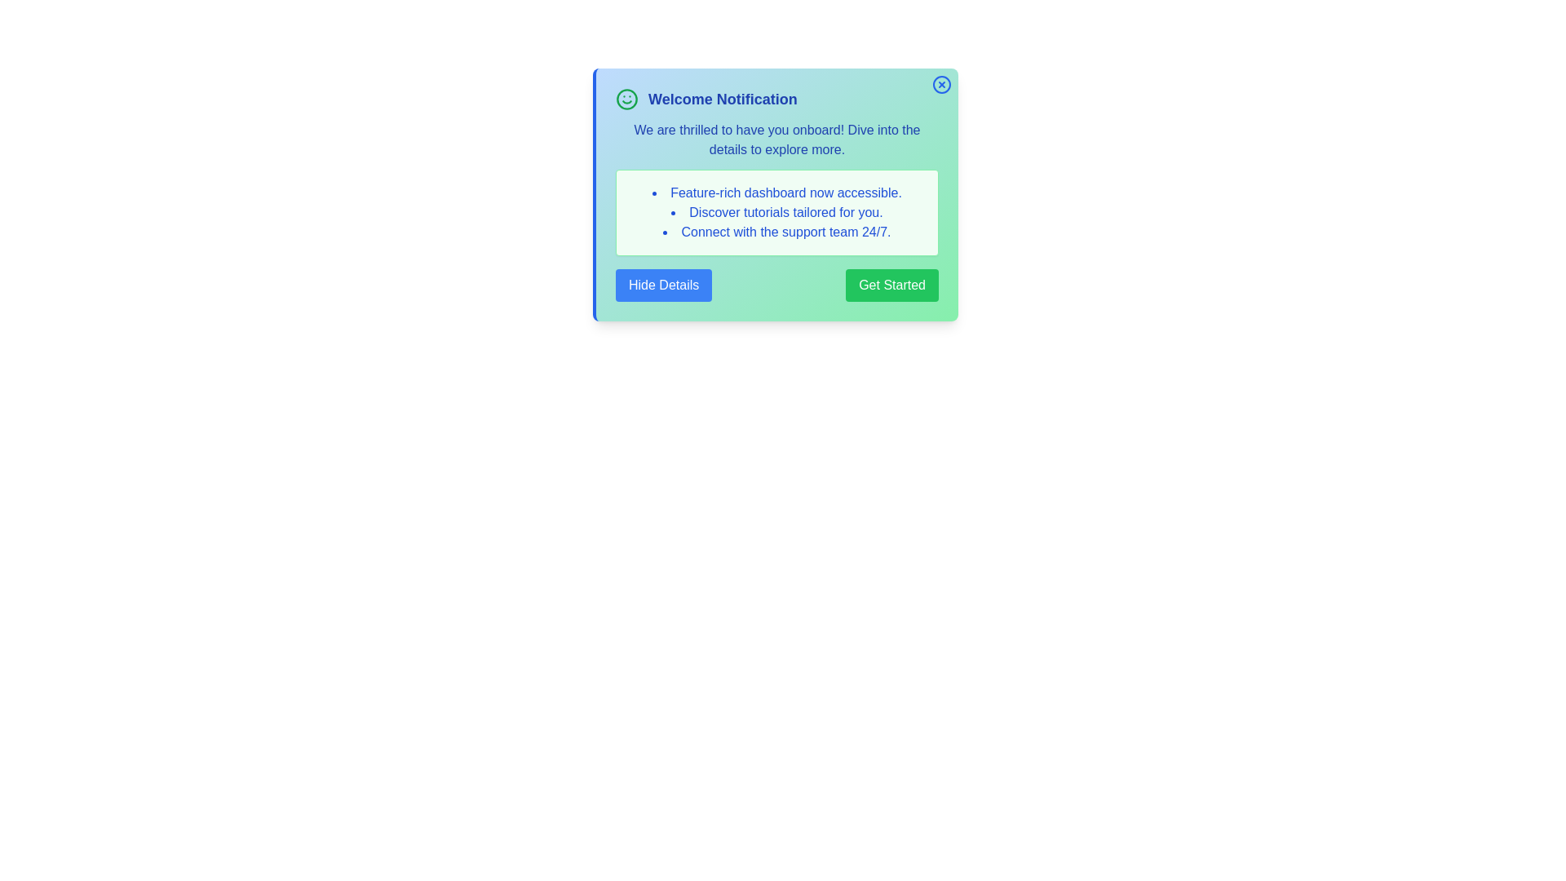 The width and height of the screenshot is (1566, 881). Describe the element at coordinates (891, 285) in the screenshot. I see `the 'Get Started' button to initiate the action` at that location.